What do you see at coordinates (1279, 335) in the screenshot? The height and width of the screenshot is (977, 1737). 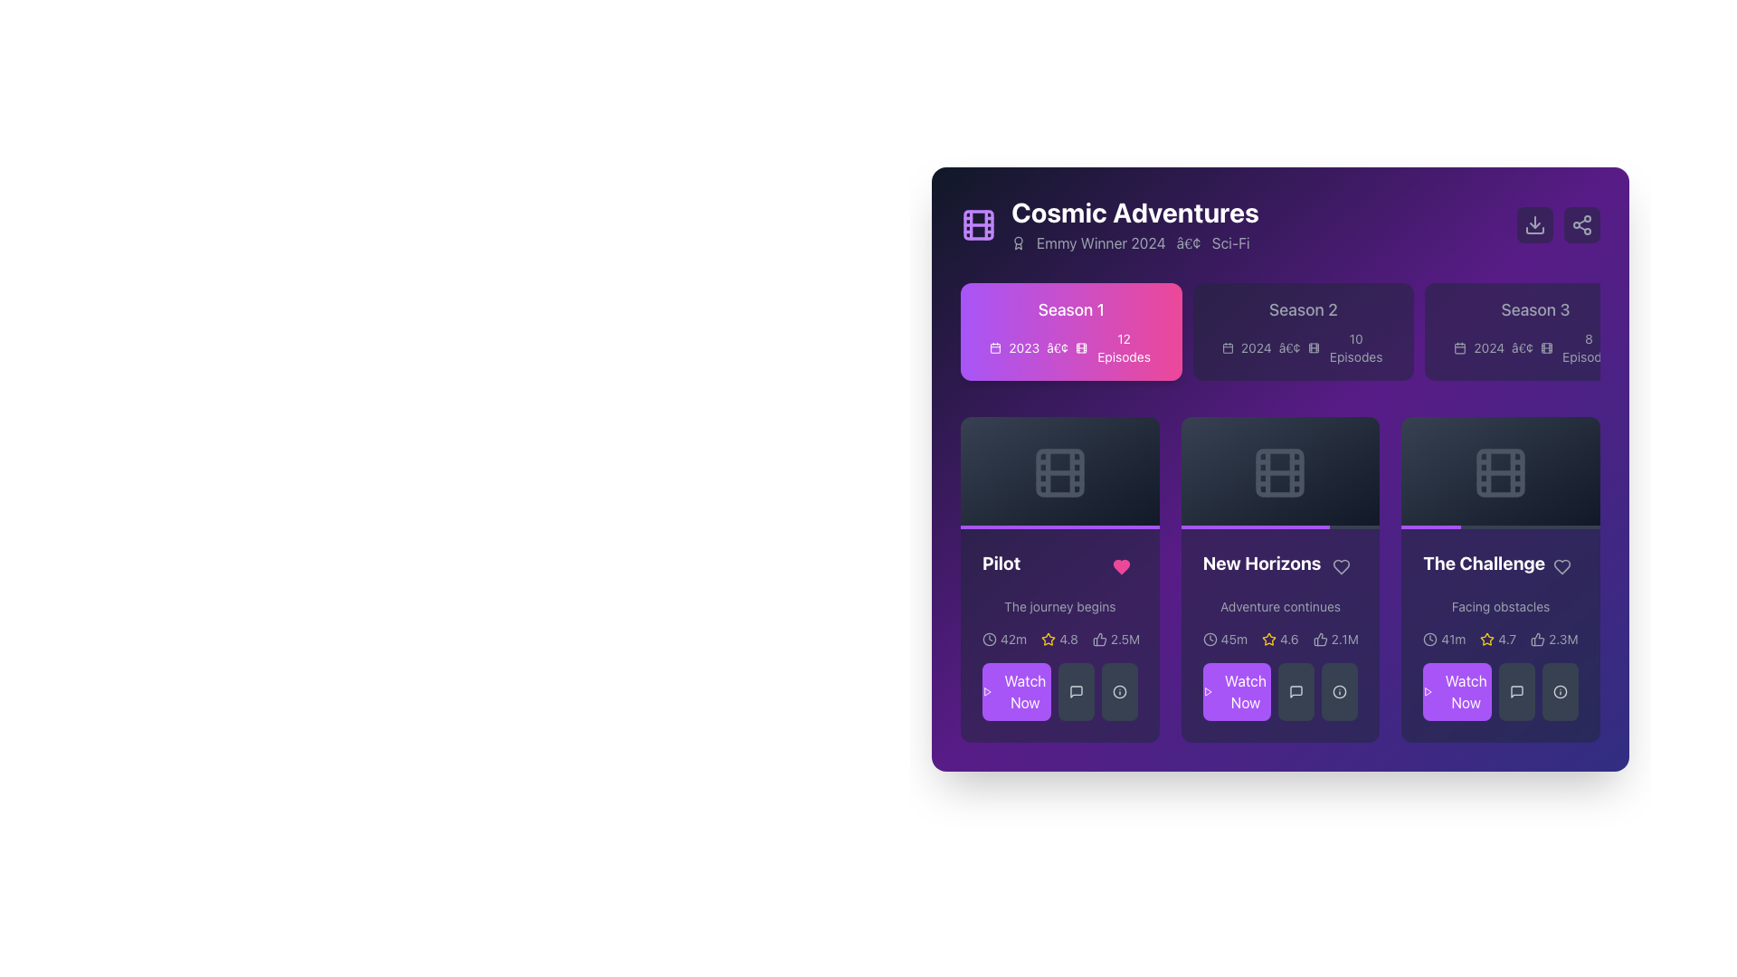 I see `the 'Season 2' button with a dark purple background that displays 'Season 2 (2024) - 10 Episodes'` at bounding box center [1279, 335].